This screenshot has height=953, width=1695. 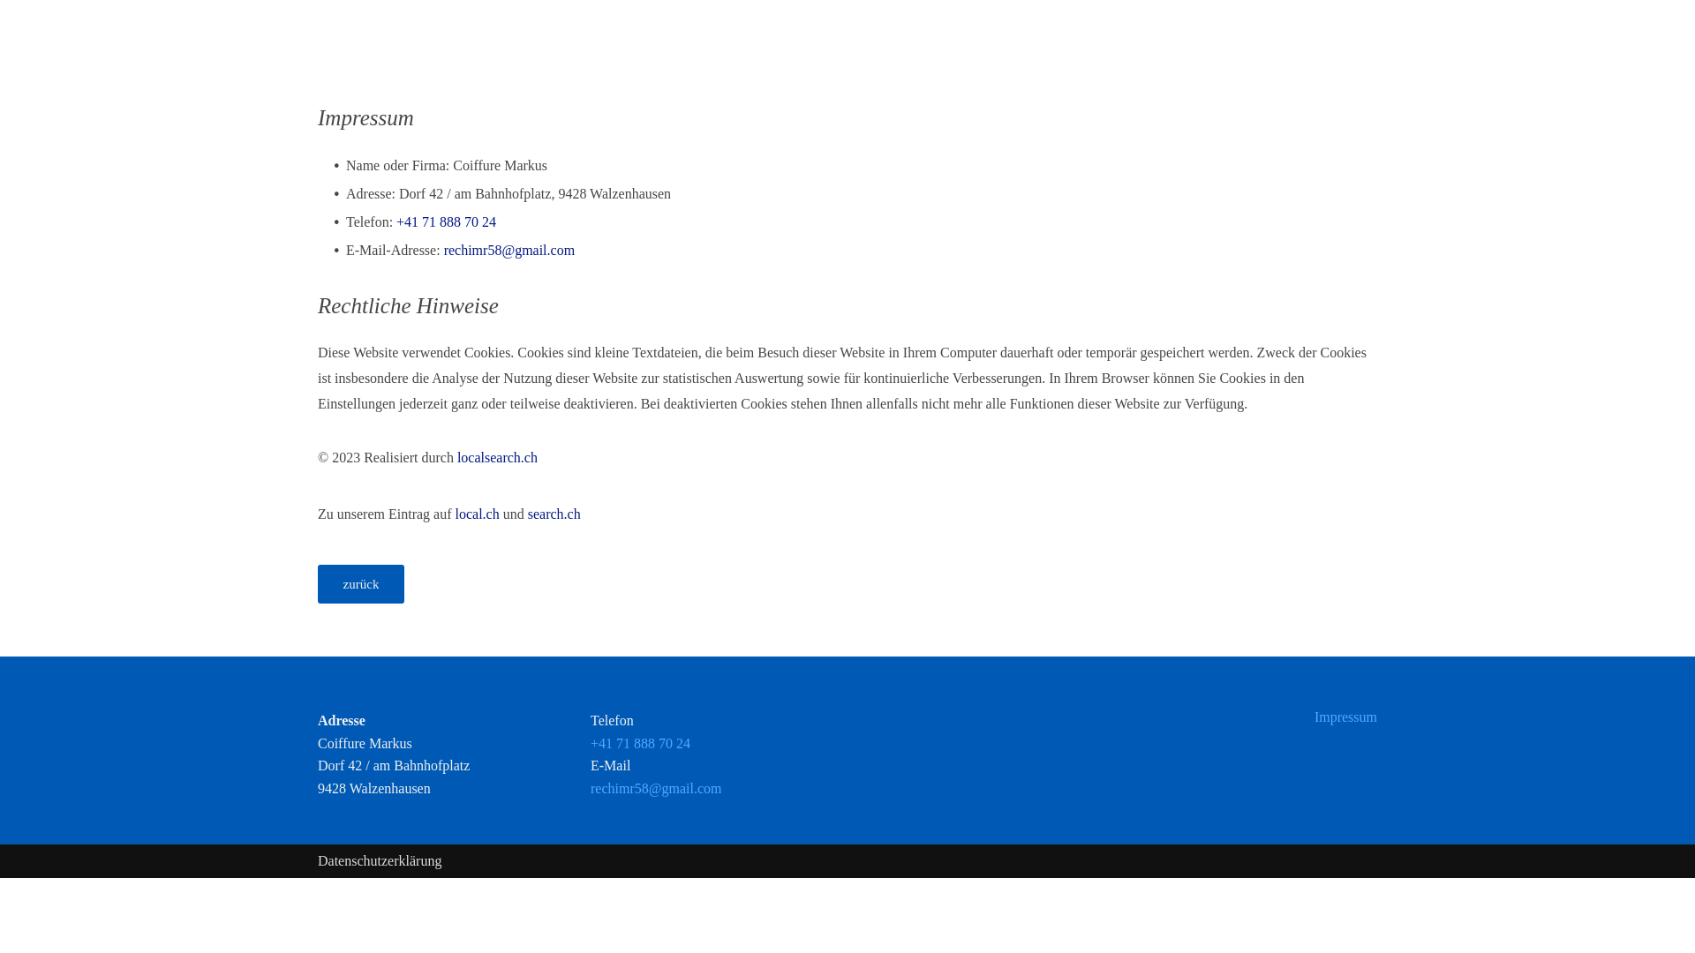 I want to click on '+41 71 888 70 24', so click(x=446, y=221).